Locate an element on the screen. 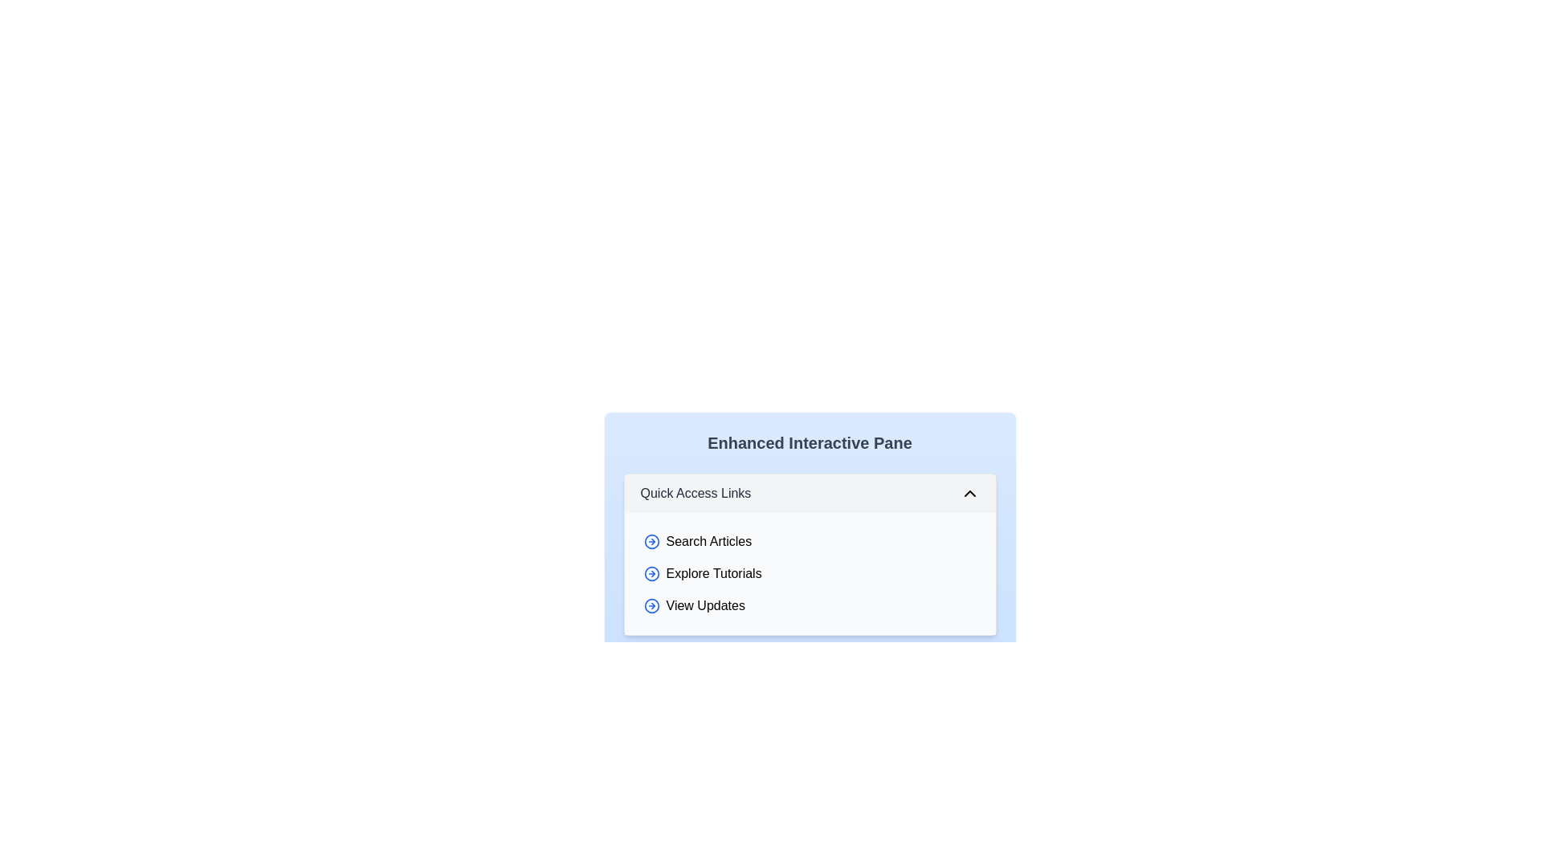  the item View Updates in the list to select it is located at coordinates (810, 606).